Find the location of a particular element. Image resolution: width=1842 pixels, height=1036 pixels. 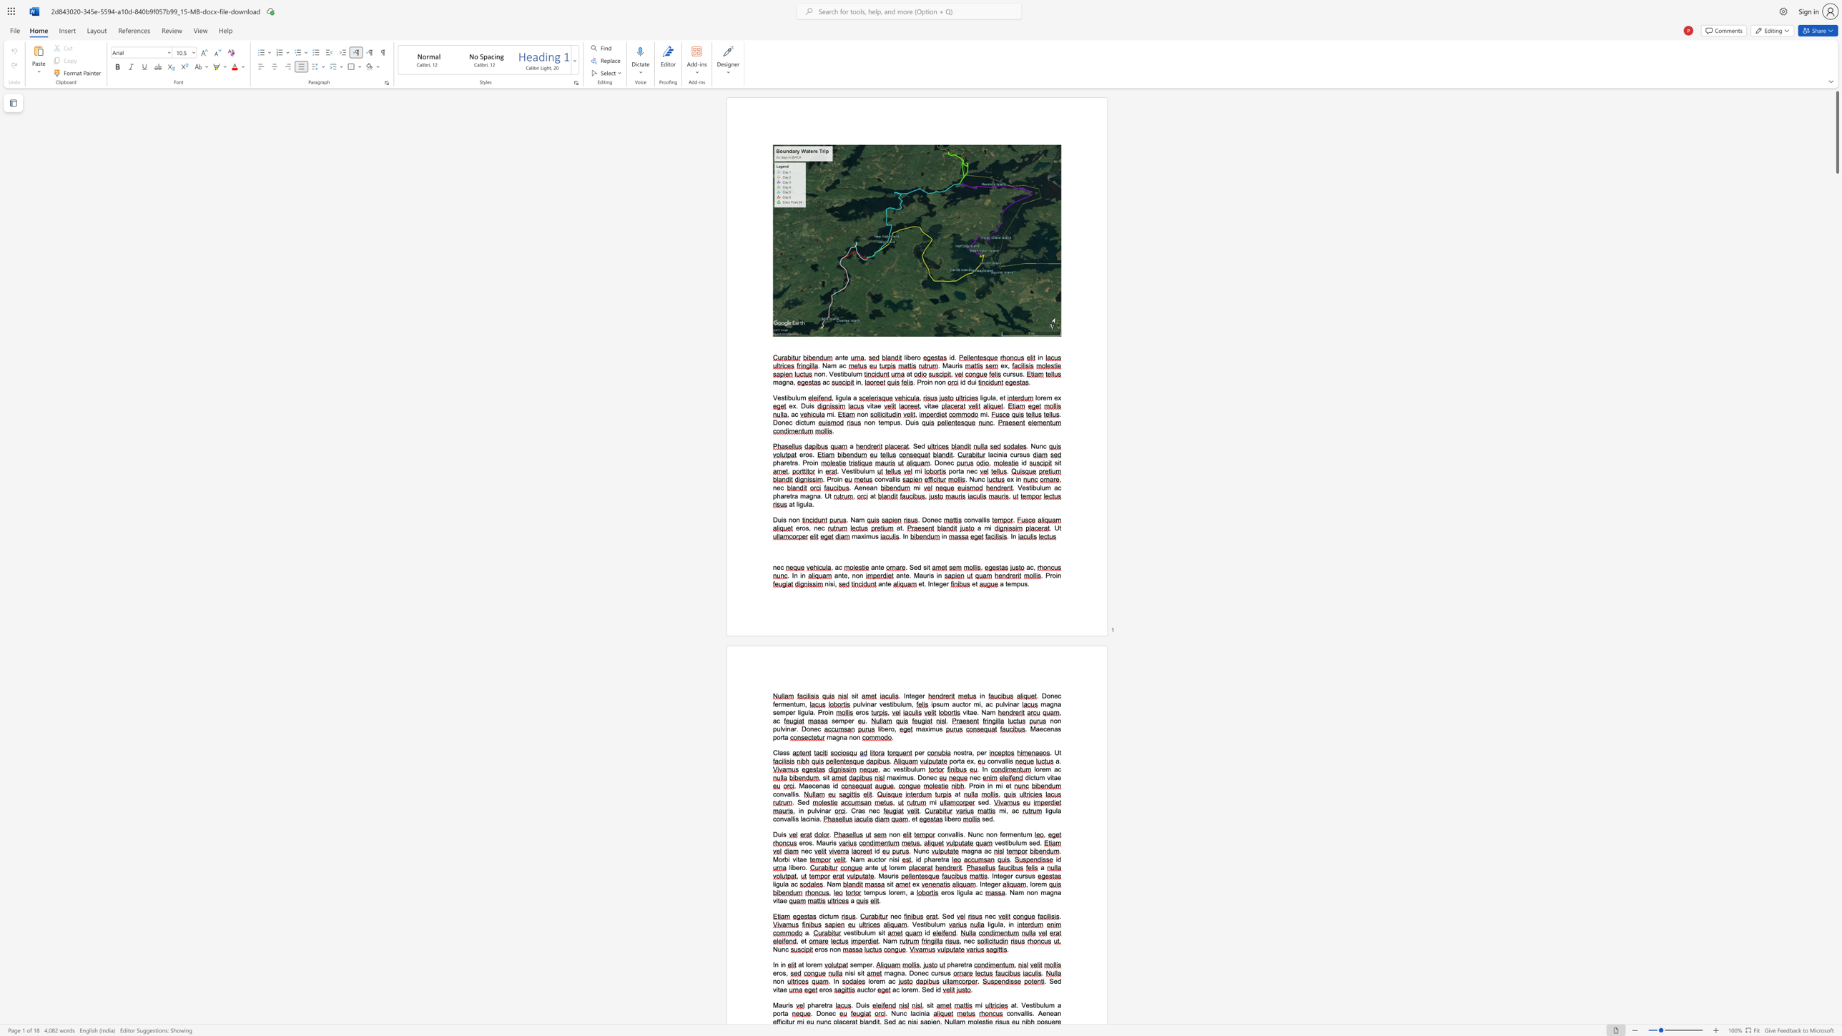

the 1th character "c" in the text is located at coordinates (980, 892).